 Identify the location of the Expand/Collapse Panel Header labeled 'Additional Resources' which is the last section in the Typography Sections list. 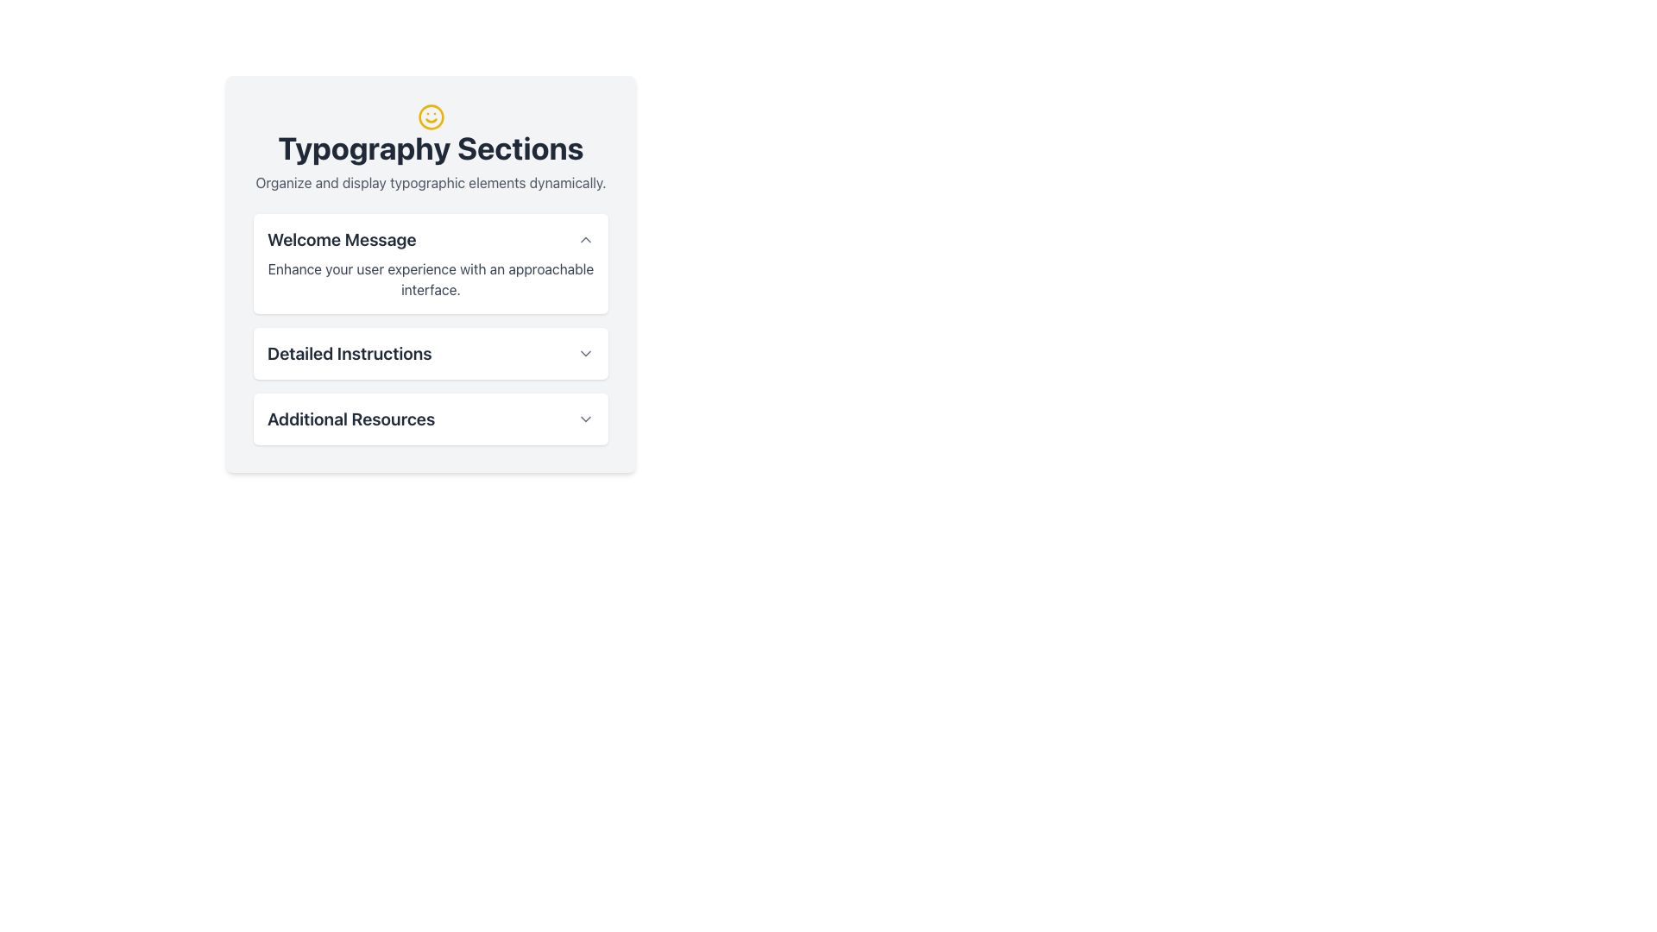
(431, 419).